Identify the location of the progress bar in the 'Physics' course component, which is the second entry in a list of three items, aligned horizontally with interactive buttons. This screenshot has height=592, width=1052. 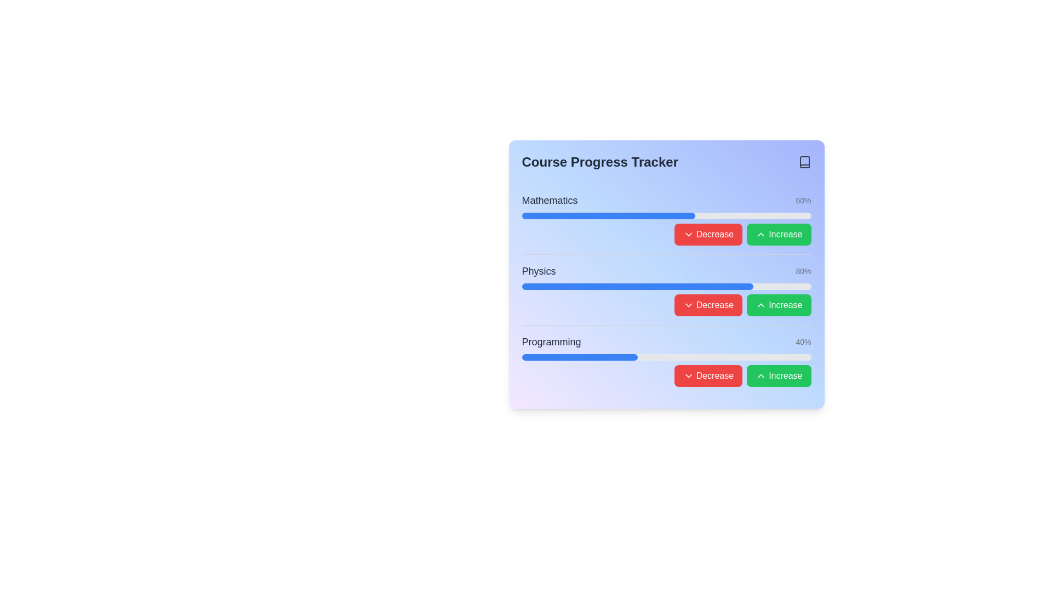
(666, 289).